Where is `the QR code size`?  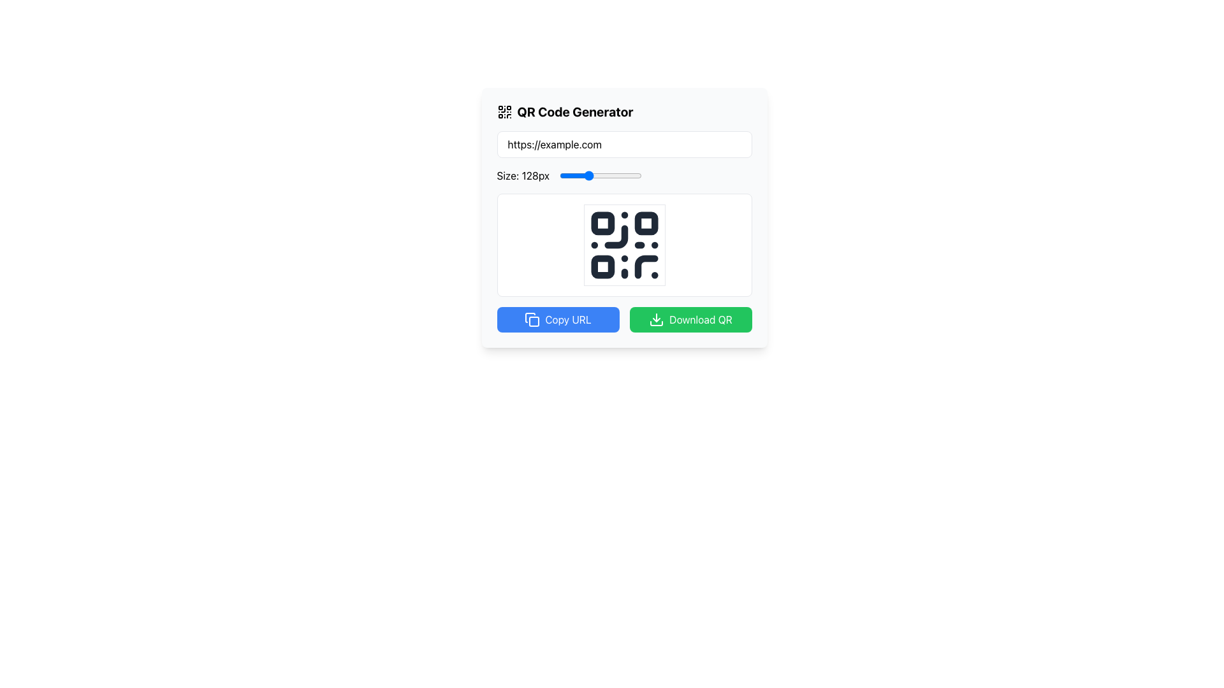 the QR code size is located at coordinates (607, 176).